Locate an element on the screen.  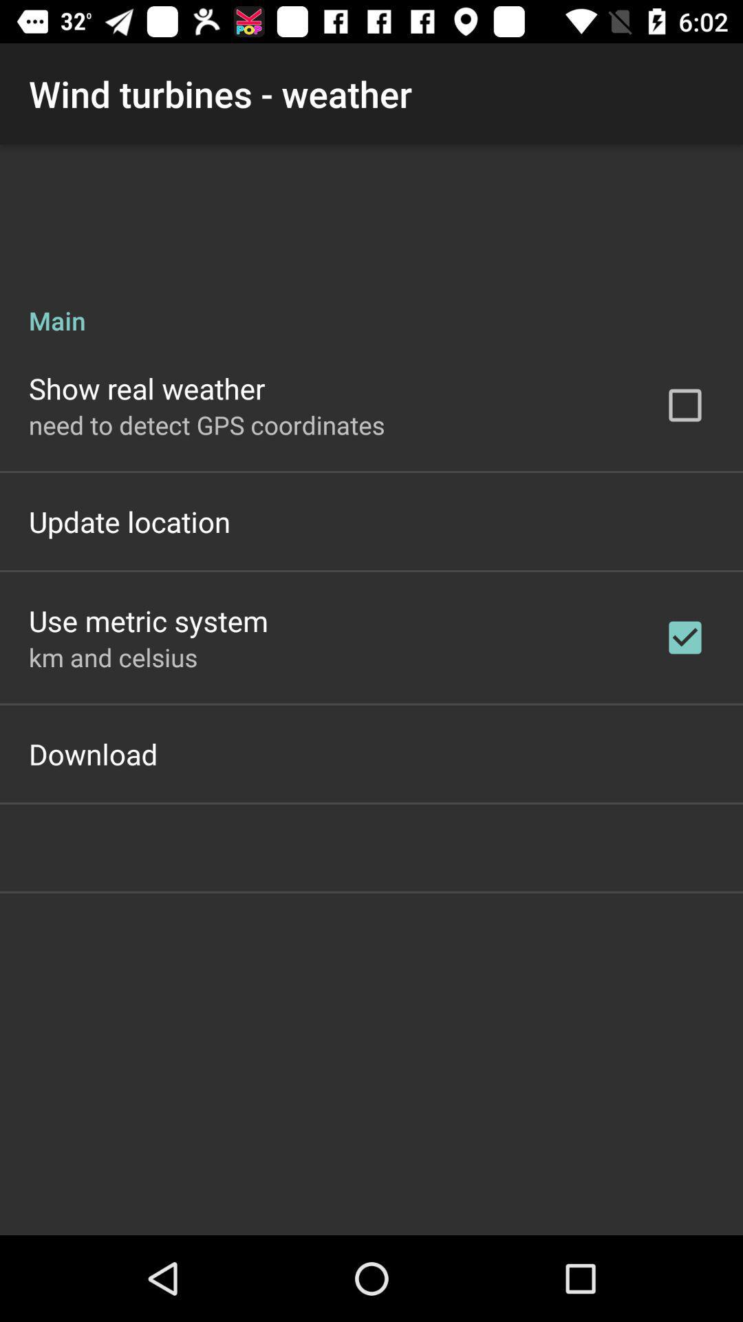
the app above need to detect icon is located at coordinates (147, 388).